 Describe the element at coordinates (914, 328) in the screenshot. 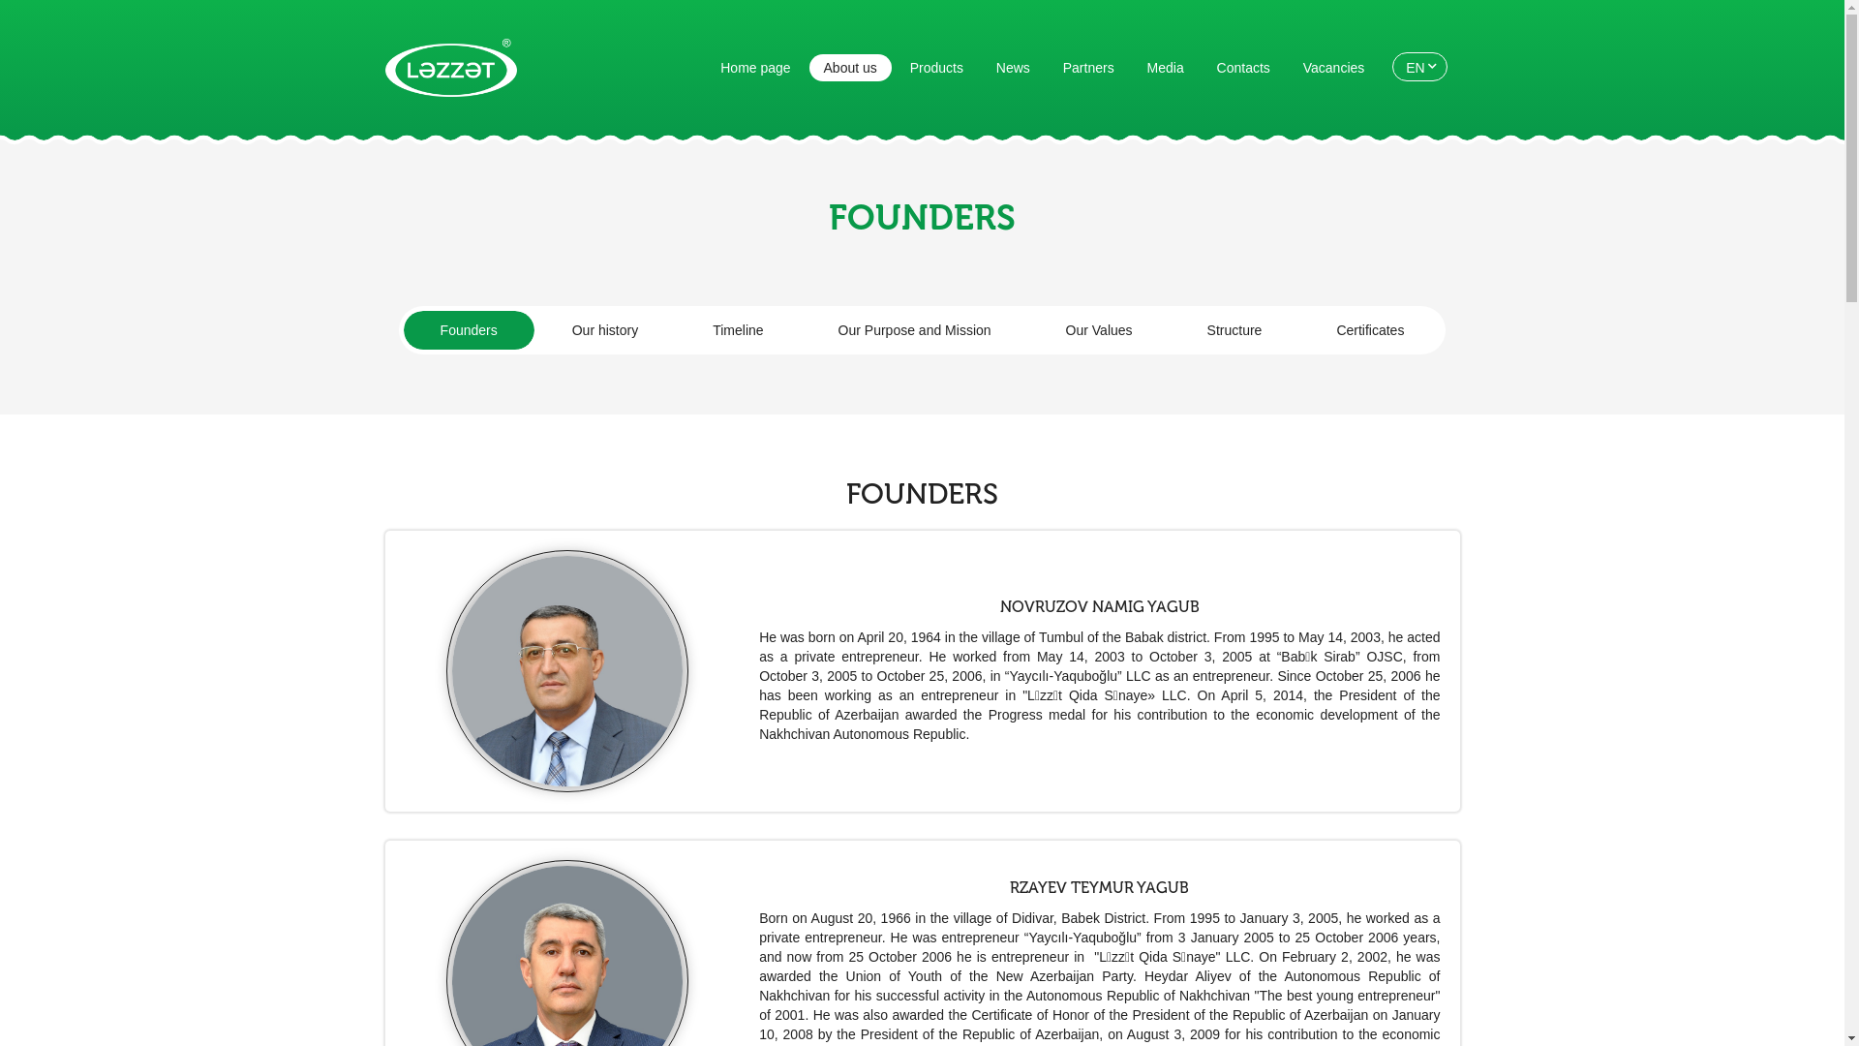

I see `'Our Purpose and Mission'` at that location.